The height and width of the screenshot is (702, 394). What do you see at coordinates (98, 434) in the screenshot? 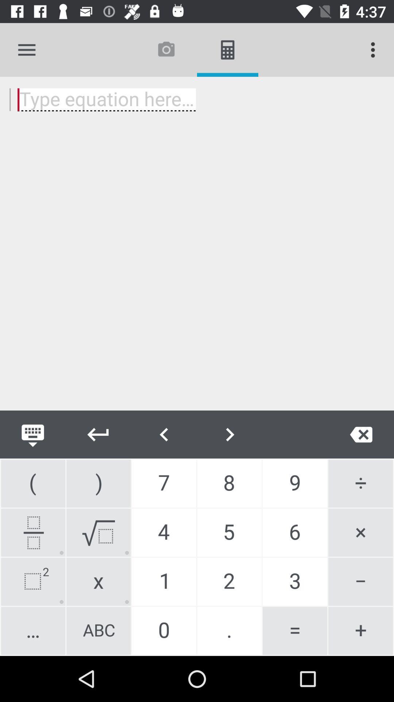
I see `next` at bounding box center [98, 434].